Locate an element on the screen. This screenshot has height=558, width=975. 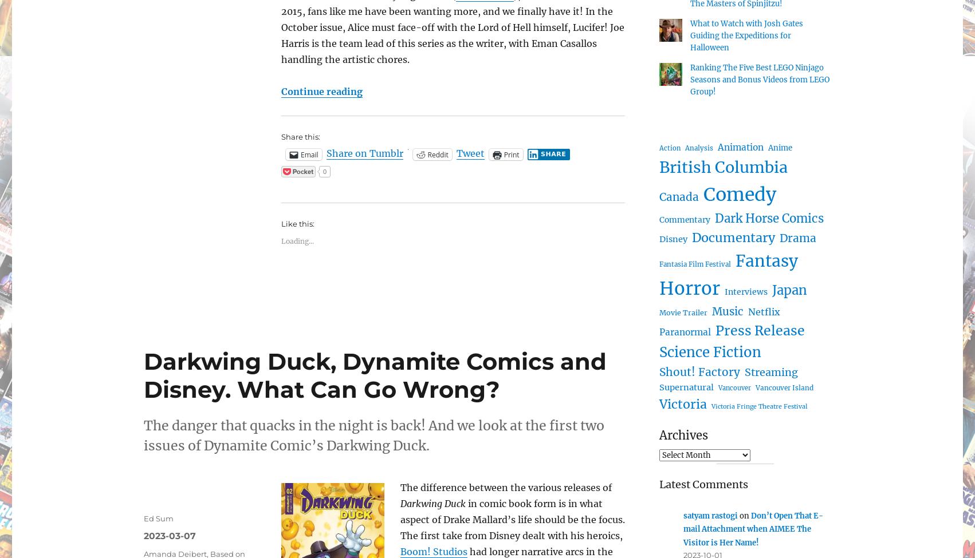
'Victoria Fringe Theatre Festival' is located at coordinates (759, 405).